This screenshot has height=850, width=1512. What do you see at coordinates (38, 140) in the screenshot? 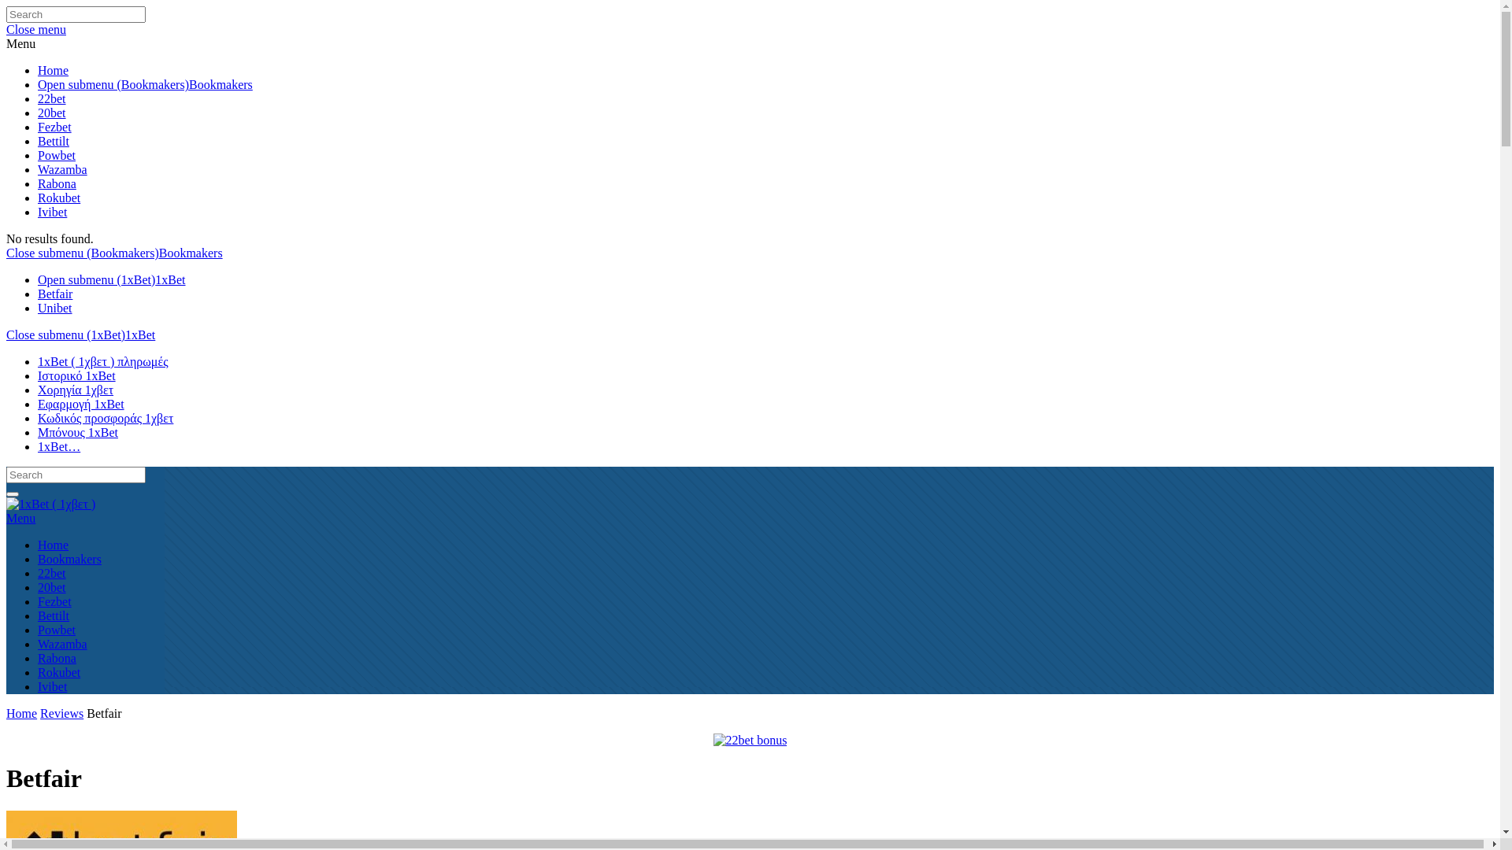
I see `'Bettilt'` at bounding box center [38, 140].